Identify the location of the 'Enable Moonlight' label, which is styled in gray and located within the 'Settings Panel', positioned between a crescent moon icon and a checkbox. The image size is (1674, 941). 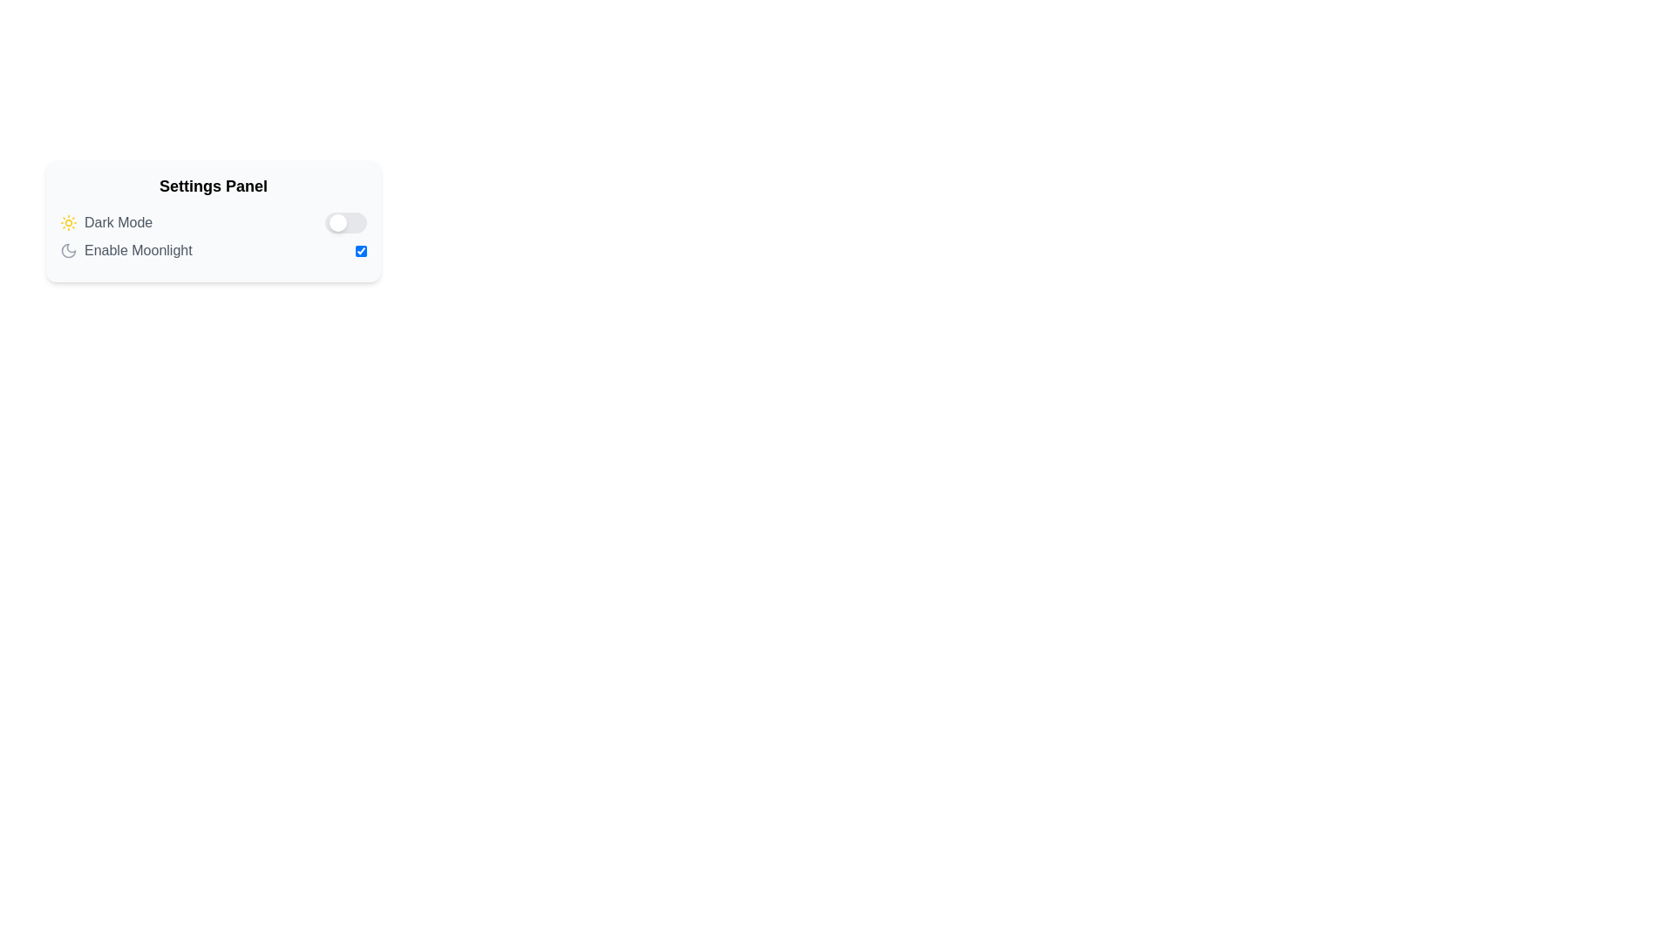
(137, 251).